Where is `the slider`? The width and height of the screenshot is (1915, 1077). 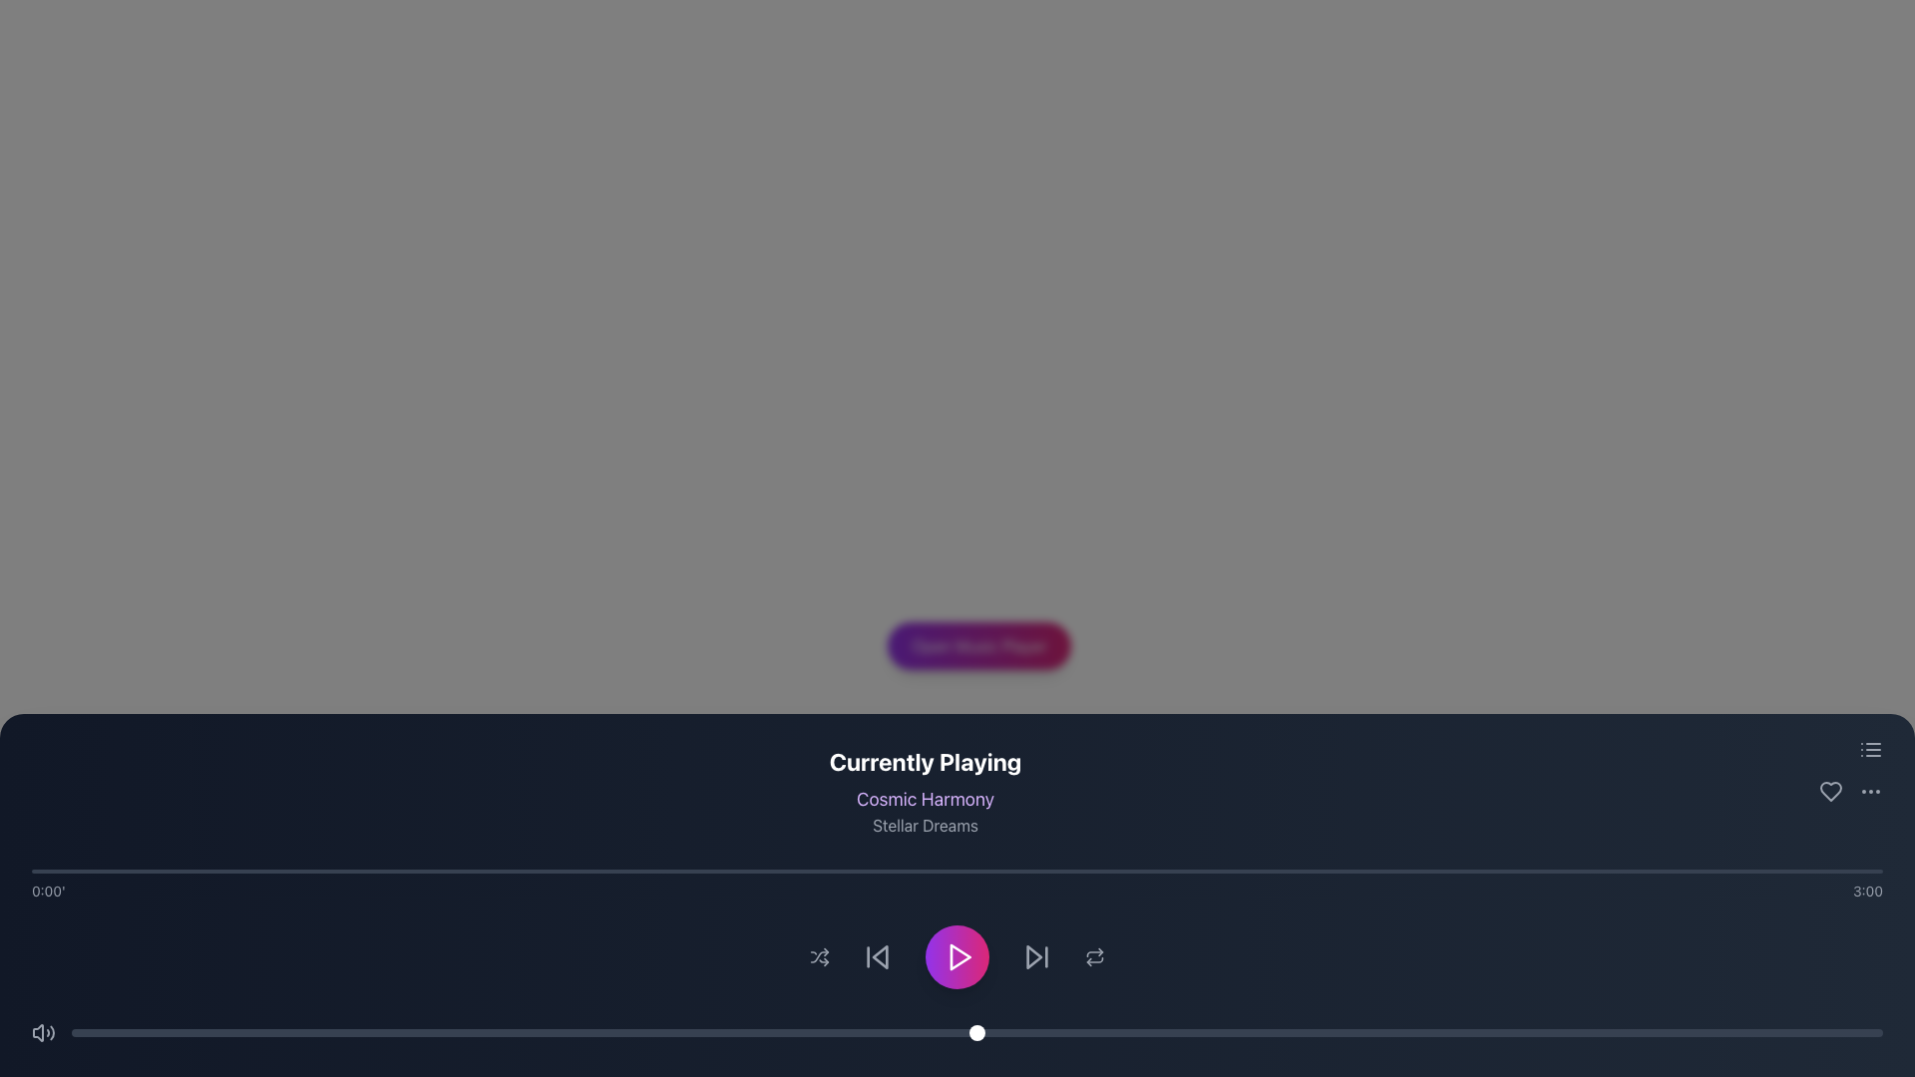 the slider is located at coordinates (1519, 1032).